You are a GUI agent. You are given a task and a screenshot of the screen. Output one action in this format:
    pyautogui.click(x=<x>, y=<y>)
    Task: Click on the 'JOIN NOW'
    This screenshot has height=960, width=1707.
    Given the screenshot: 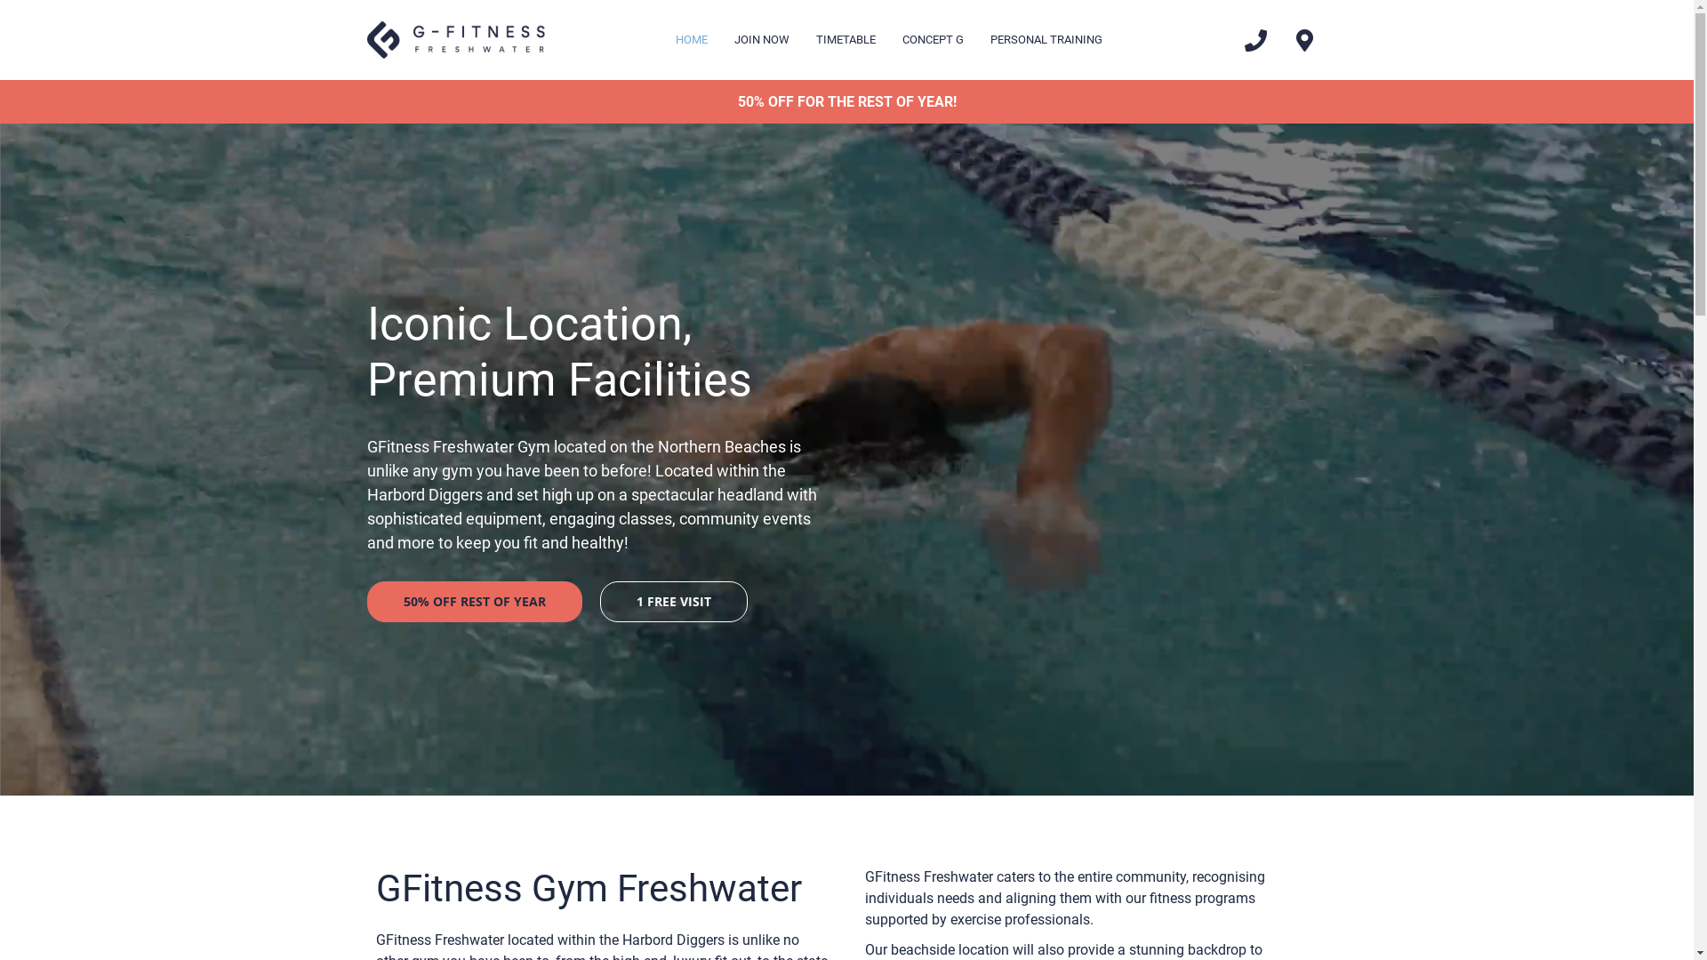 What is the action you would take?
    pyautogui.click(x=762, y=40)
    